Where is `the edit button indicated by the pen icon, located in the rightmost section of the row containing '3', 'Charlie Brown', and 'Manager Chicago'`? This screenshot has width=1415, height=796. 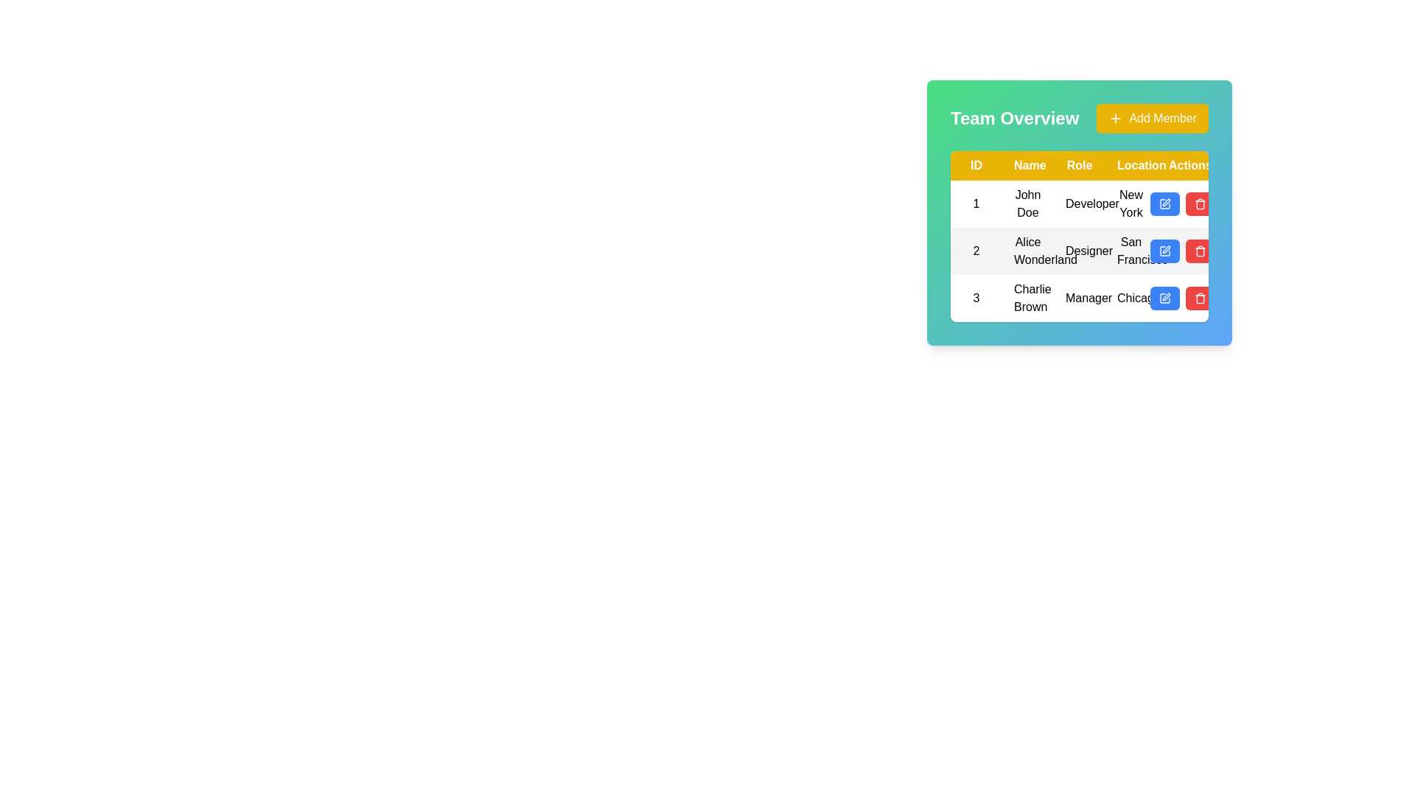
the edit button indicated by the pen icon, located in the rightmost section of the row containing '3', 'Charlie Brown', and 'Manager Chicago' is located at coordinates (1182, 298).